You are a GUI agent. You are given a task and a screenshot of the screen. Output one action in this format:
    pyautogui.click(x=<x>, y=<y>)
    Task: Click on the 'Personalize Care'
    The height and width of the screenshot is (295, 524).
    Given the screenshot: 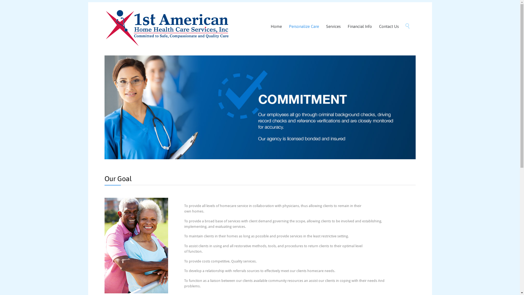 What is the action you would take?
    pyautogui.click(x=303, y=26)
    